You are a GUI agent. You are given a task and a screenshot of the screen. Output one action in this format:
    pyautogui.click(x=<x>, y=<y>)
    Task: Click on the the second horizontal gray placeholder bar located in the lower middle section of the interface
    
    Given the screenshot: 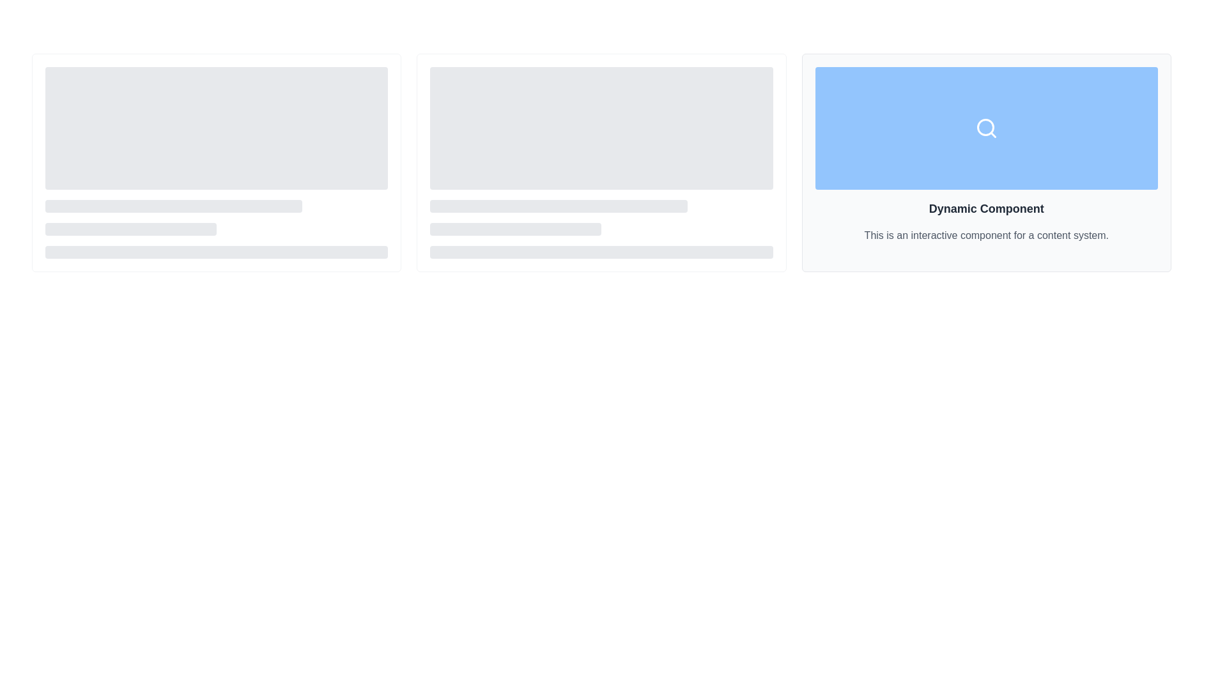 What is the action you would take?
    pyautogui.click(x=131, y=228)
    